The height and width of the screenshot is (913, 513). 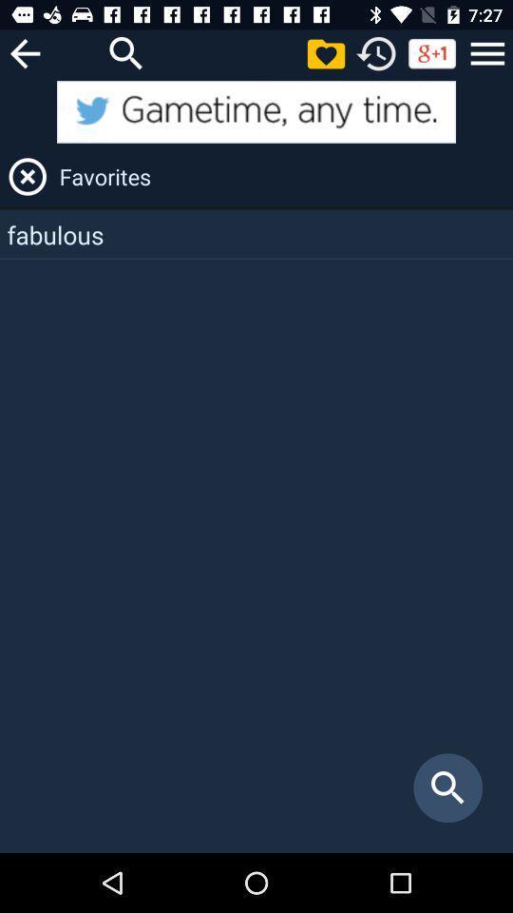 I want to click on x, so click(x=27, y=176).